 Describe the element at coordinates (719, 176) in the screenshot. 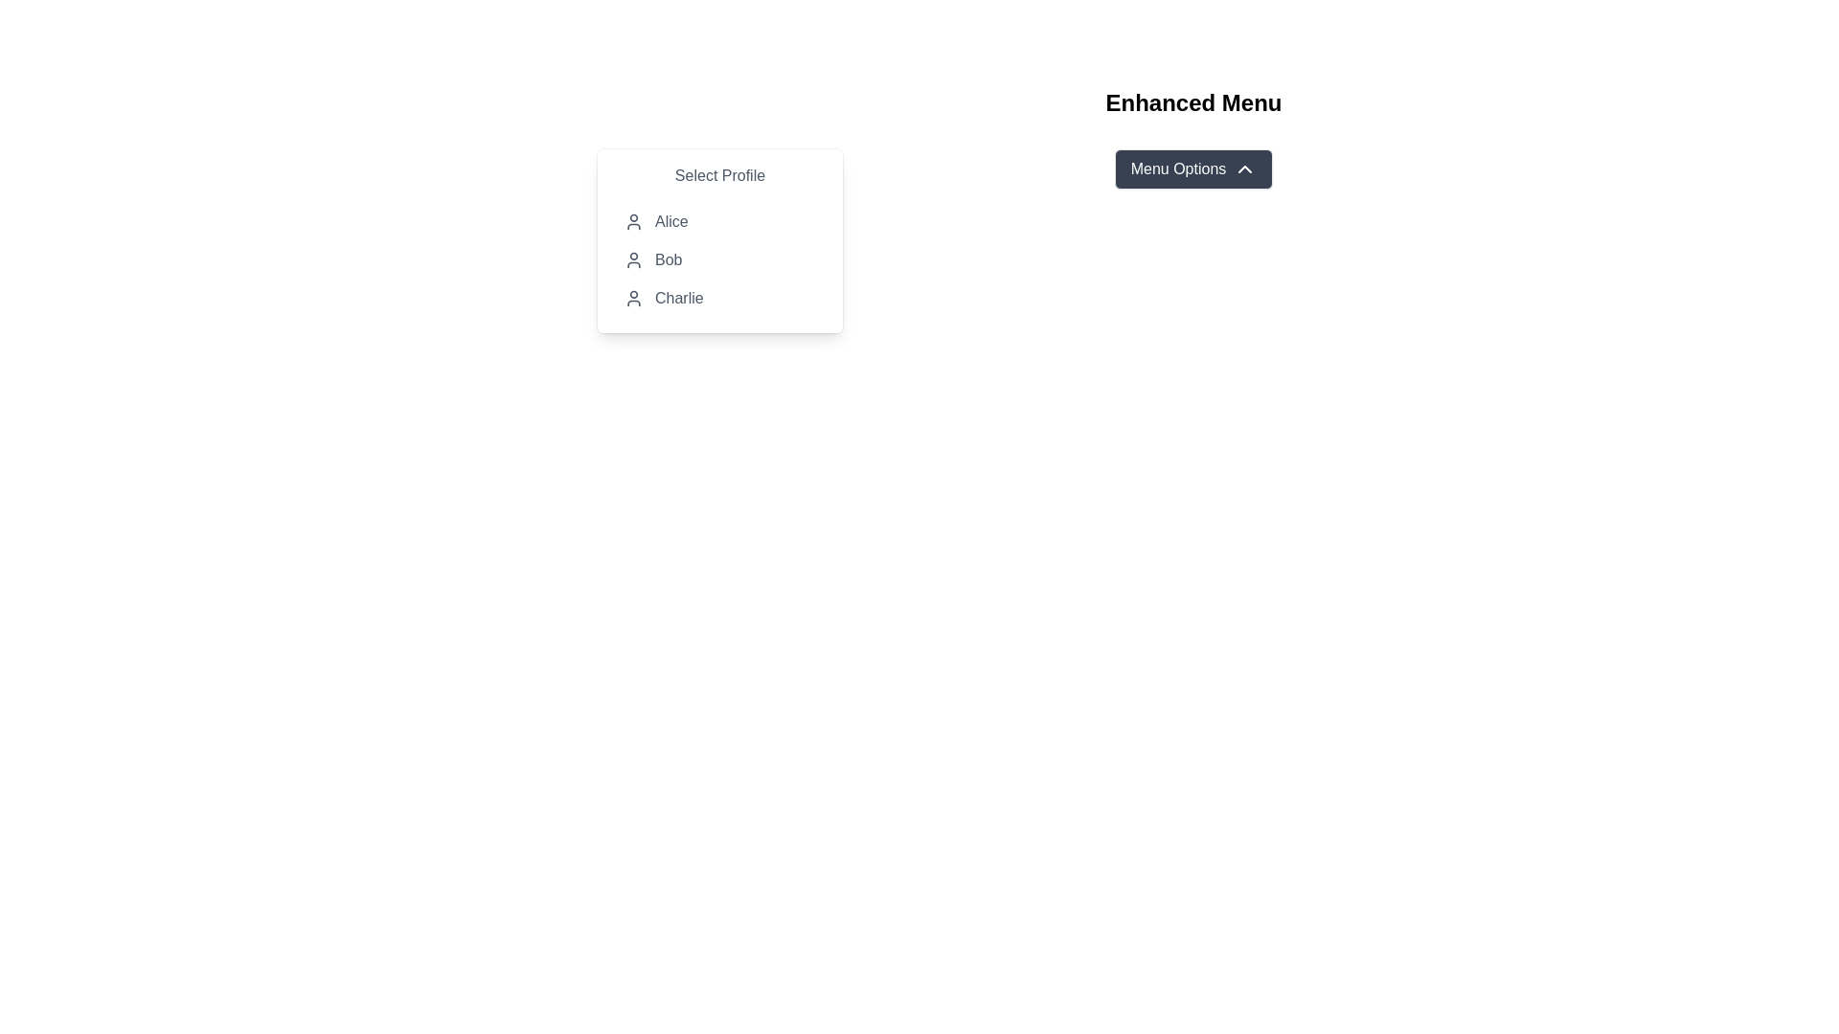

I see `the 'Select Profile' text label, which is positioned at the top of the dropdown menu containing options like 'Alice', 'Bob', and 'Charlie'` at that location.